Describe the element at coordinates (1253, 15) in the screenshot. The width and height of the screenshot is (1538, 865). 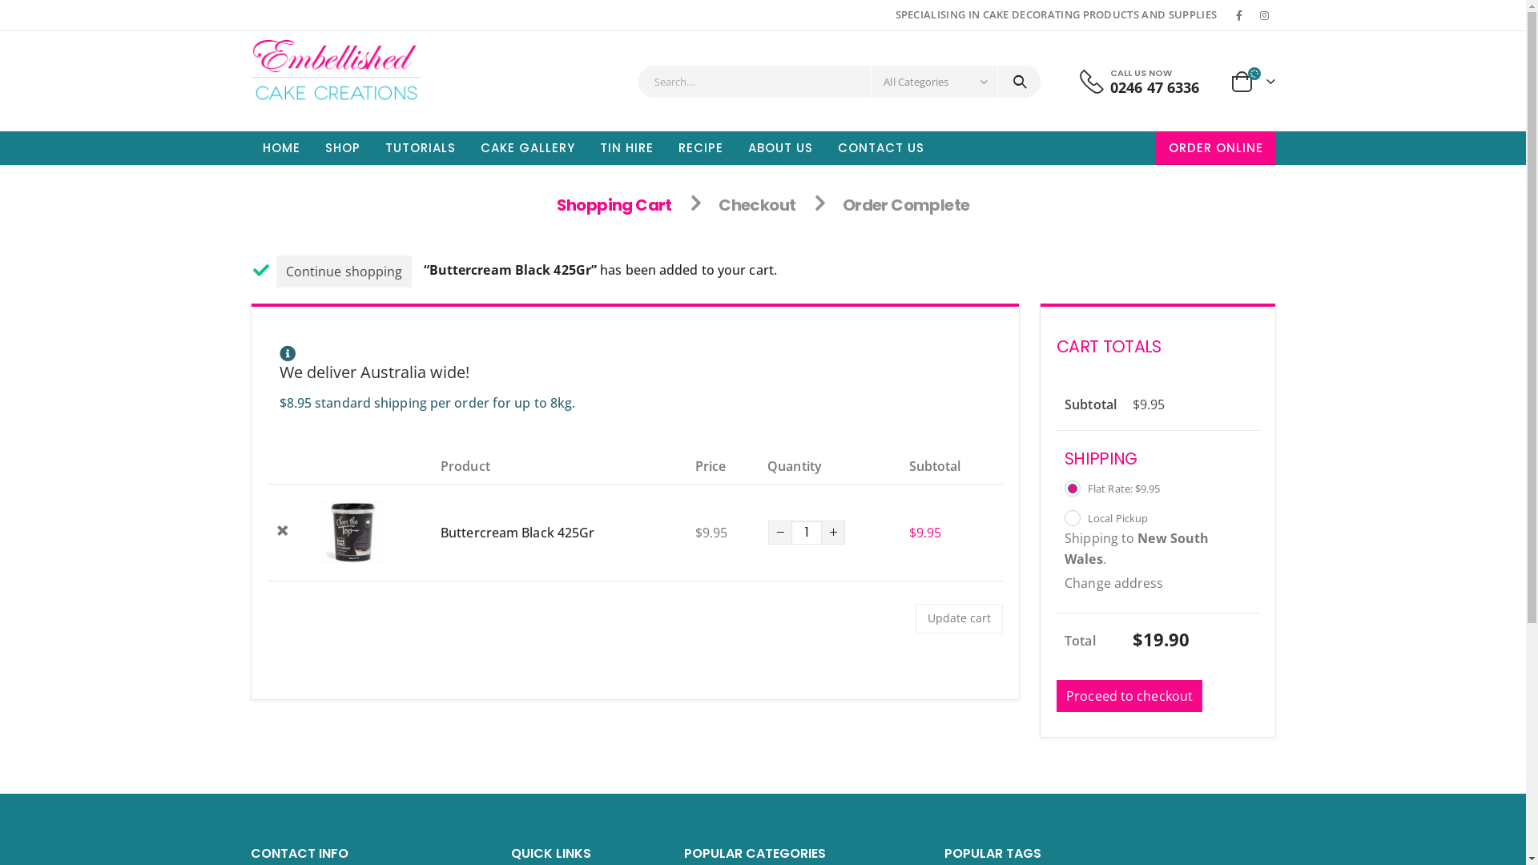
I see `'Instagram'` at that location.